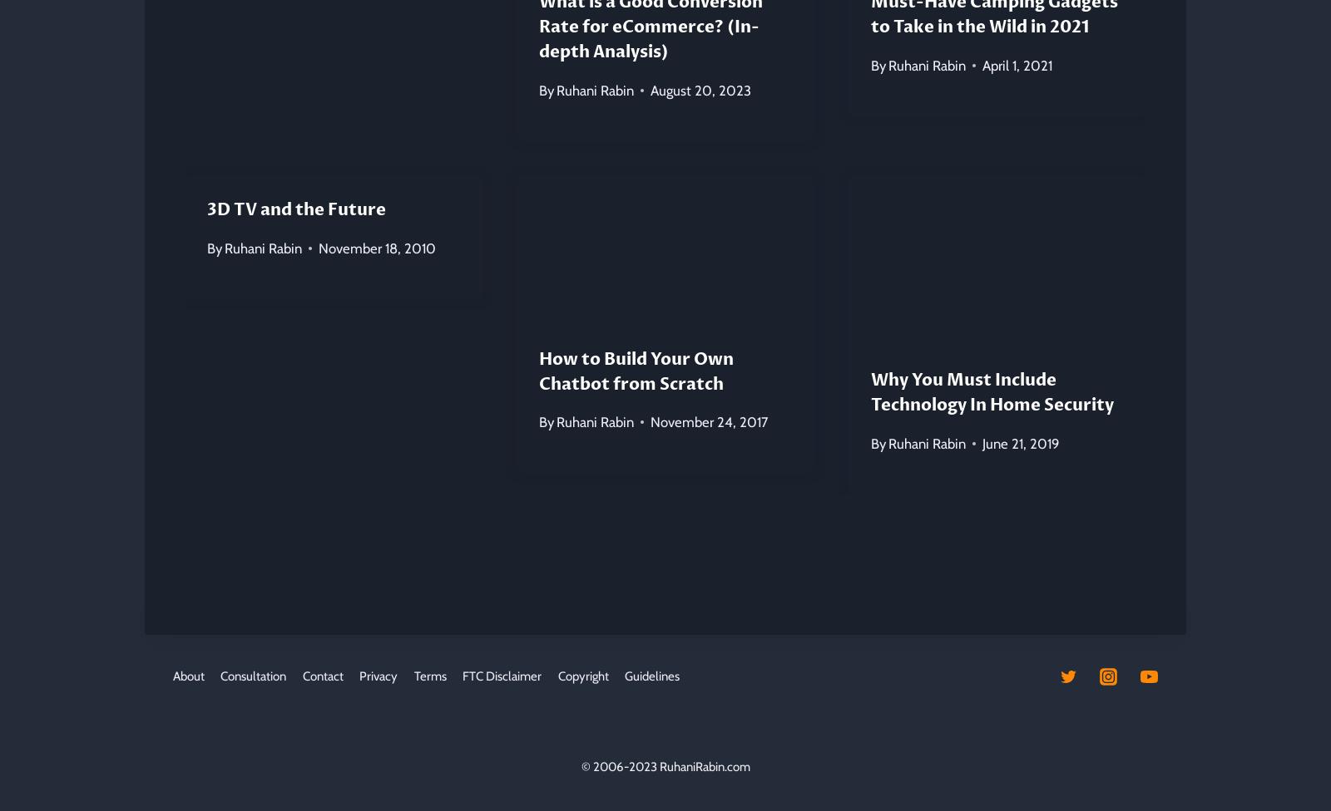  Describe the element at coordinates (636, 370) in the screenshot. I see `'How to Build Your Own Chatbot from Scratch'` at that location.